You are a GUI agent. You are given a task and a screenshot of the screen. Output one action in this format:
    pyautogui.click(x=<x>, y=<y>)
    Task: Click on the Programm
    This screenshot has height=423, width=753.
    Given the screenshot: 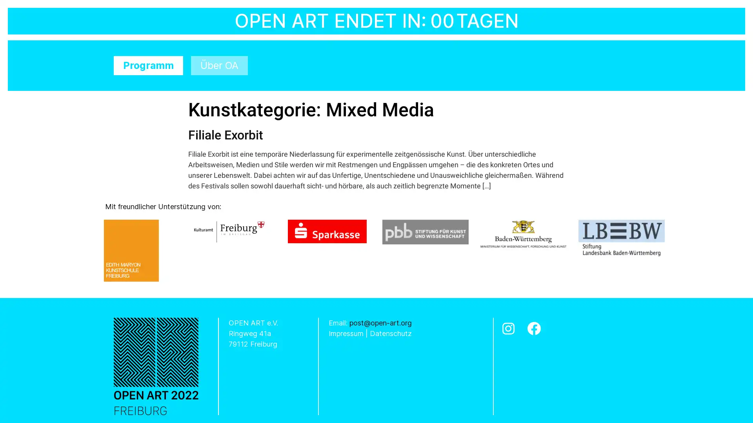 What is the action you would take?
    pyautogui.click(x=148, y=65)
    